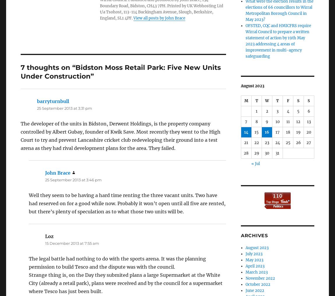 The image size is (335, 296). What do you see at coordinates (285, 142) in the screenshot?
I see `'25'` at bounding box center [285, 142].